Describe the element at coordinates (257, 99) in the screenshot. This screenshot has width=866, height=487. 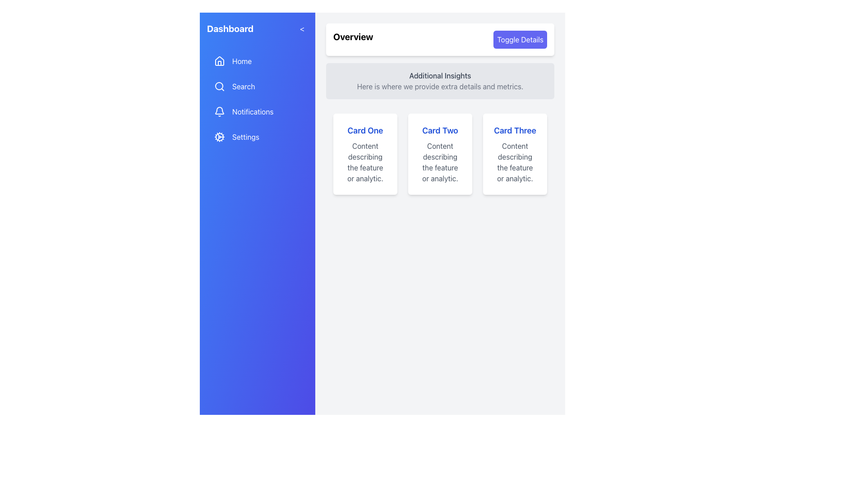
I see `the navigation button for the search functionality located in the sidebar, positioned between 'Home' and 'Notifications'` at that location.